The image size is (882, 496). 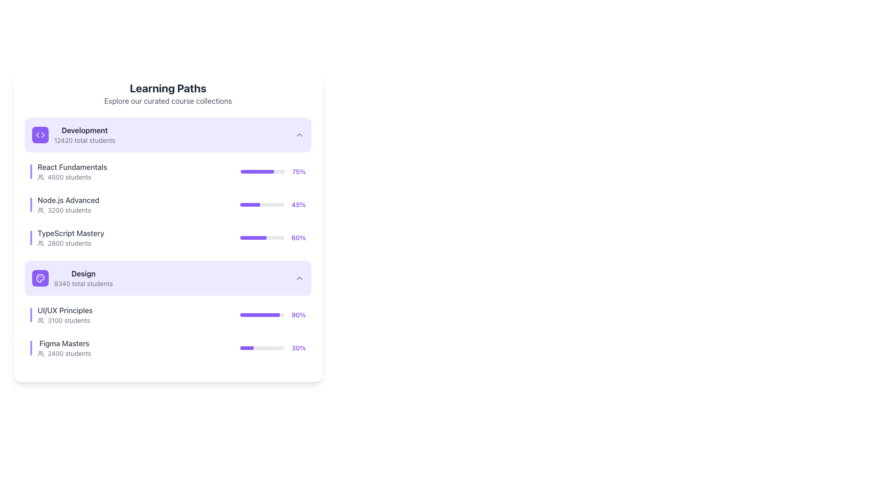 I want to click on the vertical violet rectangle visual marker located to the left of the 'UI/UX Principles' course text in the Design category, so click(x=31, y=315).